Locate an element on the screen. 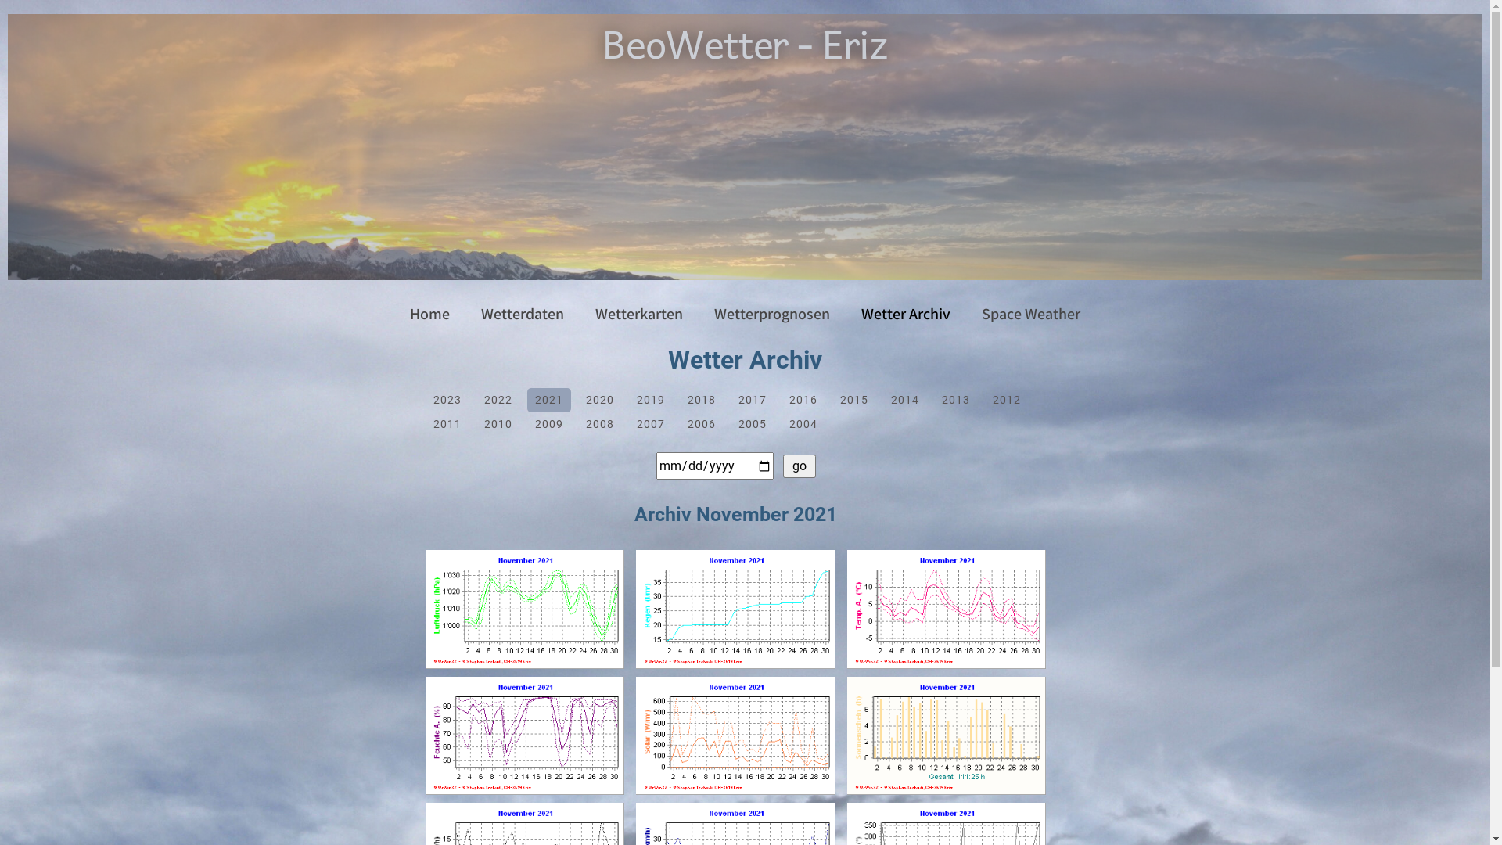 Image resolution: width=1502 pixels, height=845 pixels. '2021' is located at coordinates (548, 399).